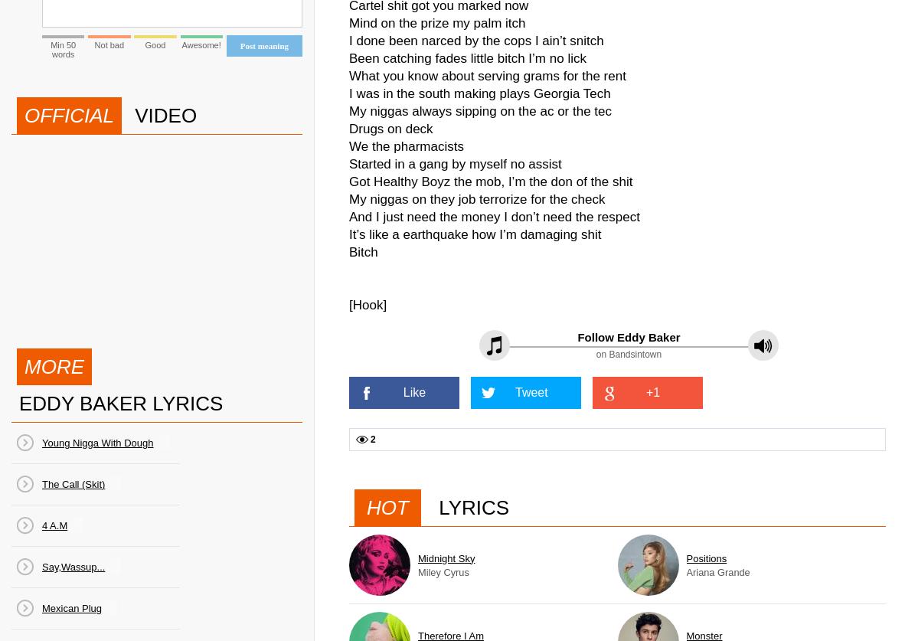  Describe the element at coordinates (475, 41) in the screenshot. I see `'I done been narced by the cops I ain’t snitch'` at that location.